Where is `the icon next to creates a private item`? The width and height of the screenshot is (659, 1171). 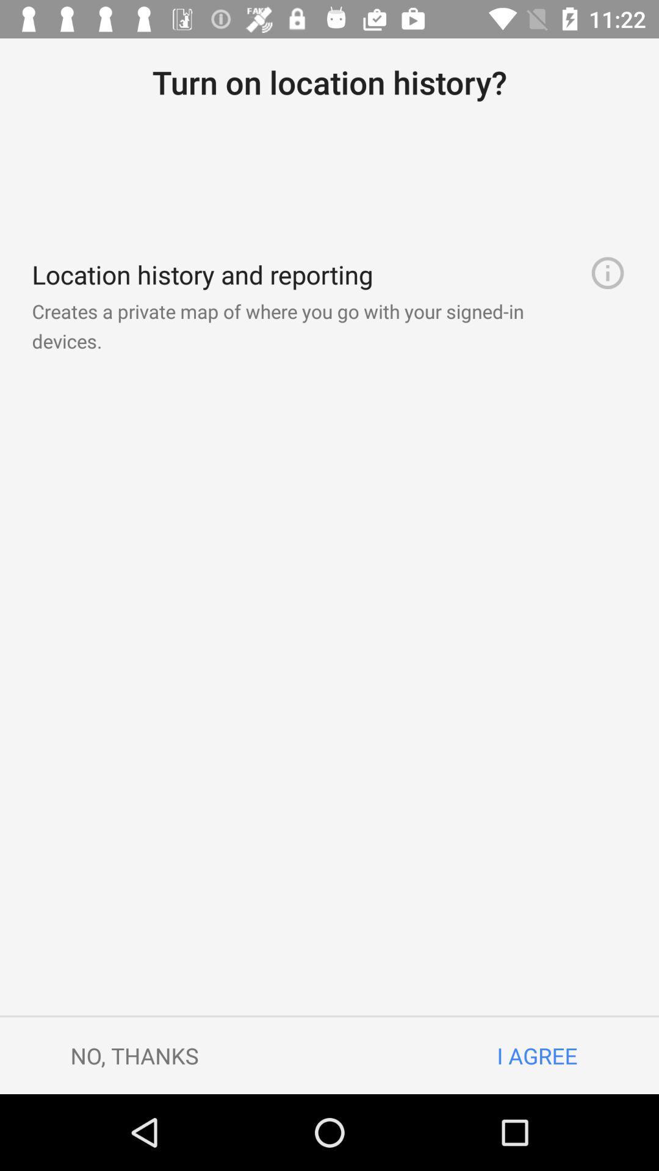 the icon next to creates a private item is located at coordinates (607, 272).